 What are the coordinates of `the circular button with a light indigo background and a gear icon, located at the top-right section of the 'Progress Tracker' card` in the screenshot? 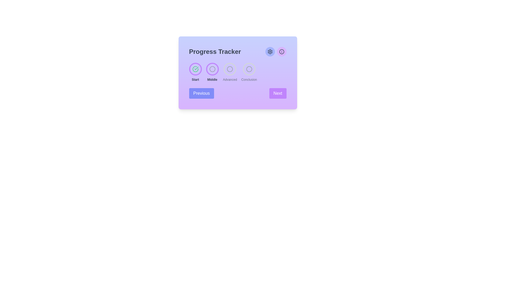 It's located at (270, 52).